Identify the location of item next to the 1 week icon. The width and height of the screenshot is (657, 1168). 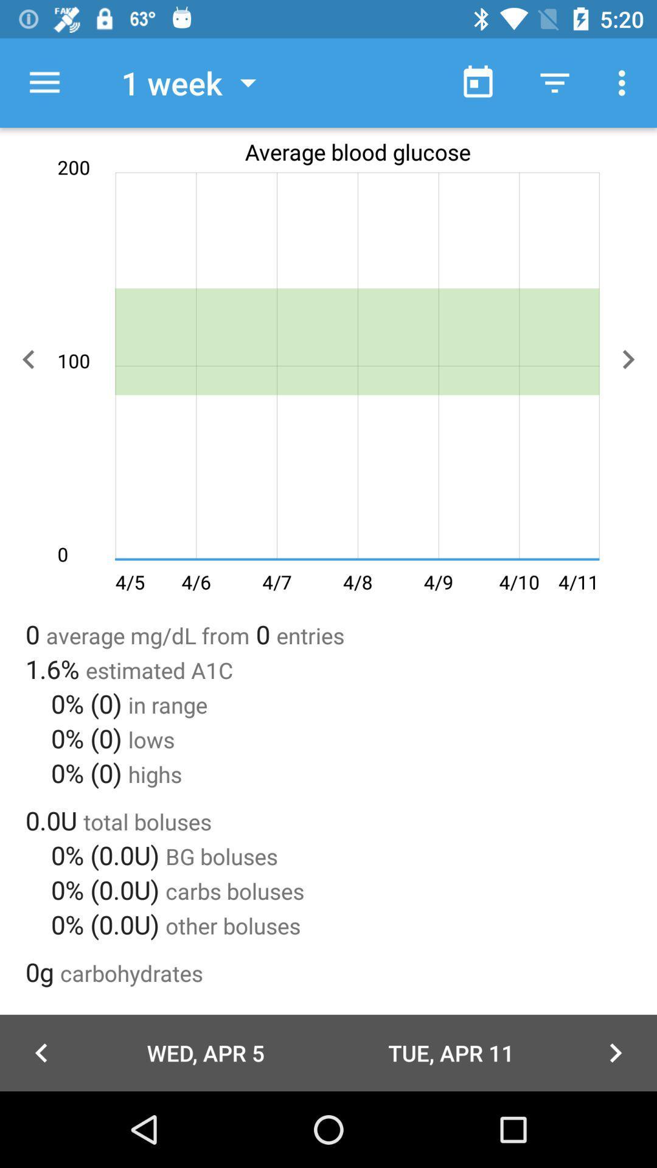
(44, 82).